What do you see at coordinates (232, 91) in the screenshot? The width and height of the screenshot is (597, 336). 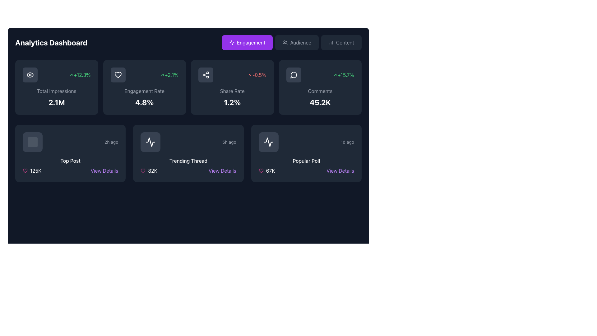 I see `the 'Share Rate' text label, which is styled in gray and positioned between a percentage rate and a metric value in the dark-themed interface` at bounding box center [232, 91].